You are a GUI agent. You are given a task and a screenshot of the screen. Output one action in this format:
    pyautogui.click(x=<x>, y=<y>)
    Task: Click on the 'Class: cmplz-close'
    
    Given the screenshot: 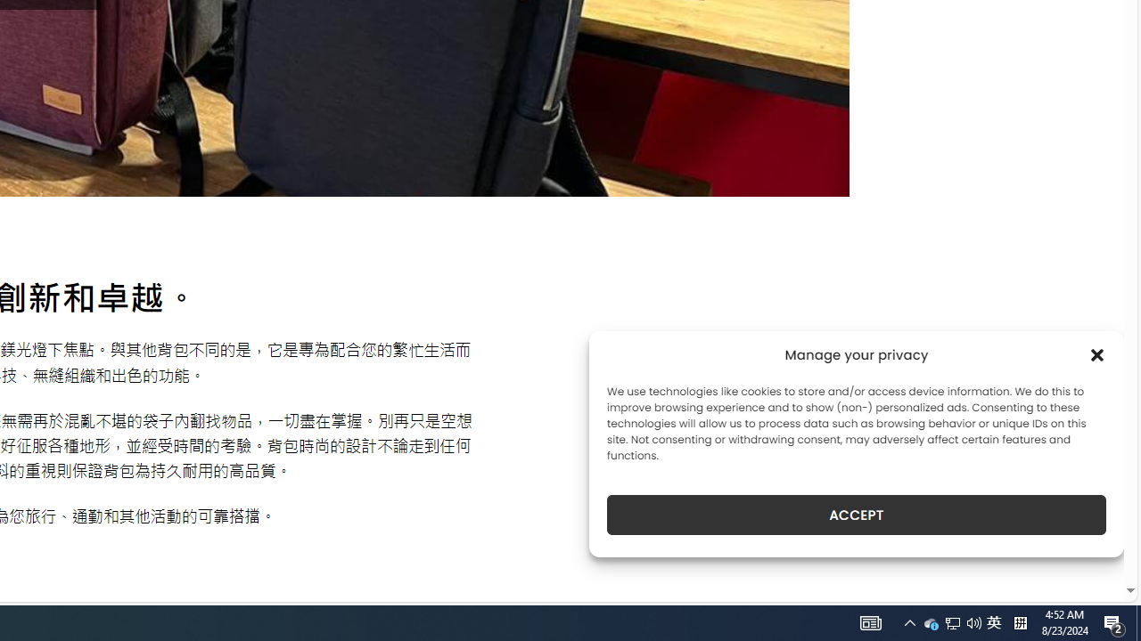 What is the action you would take?
    pyautogui.click(x=1096, y=354)
    